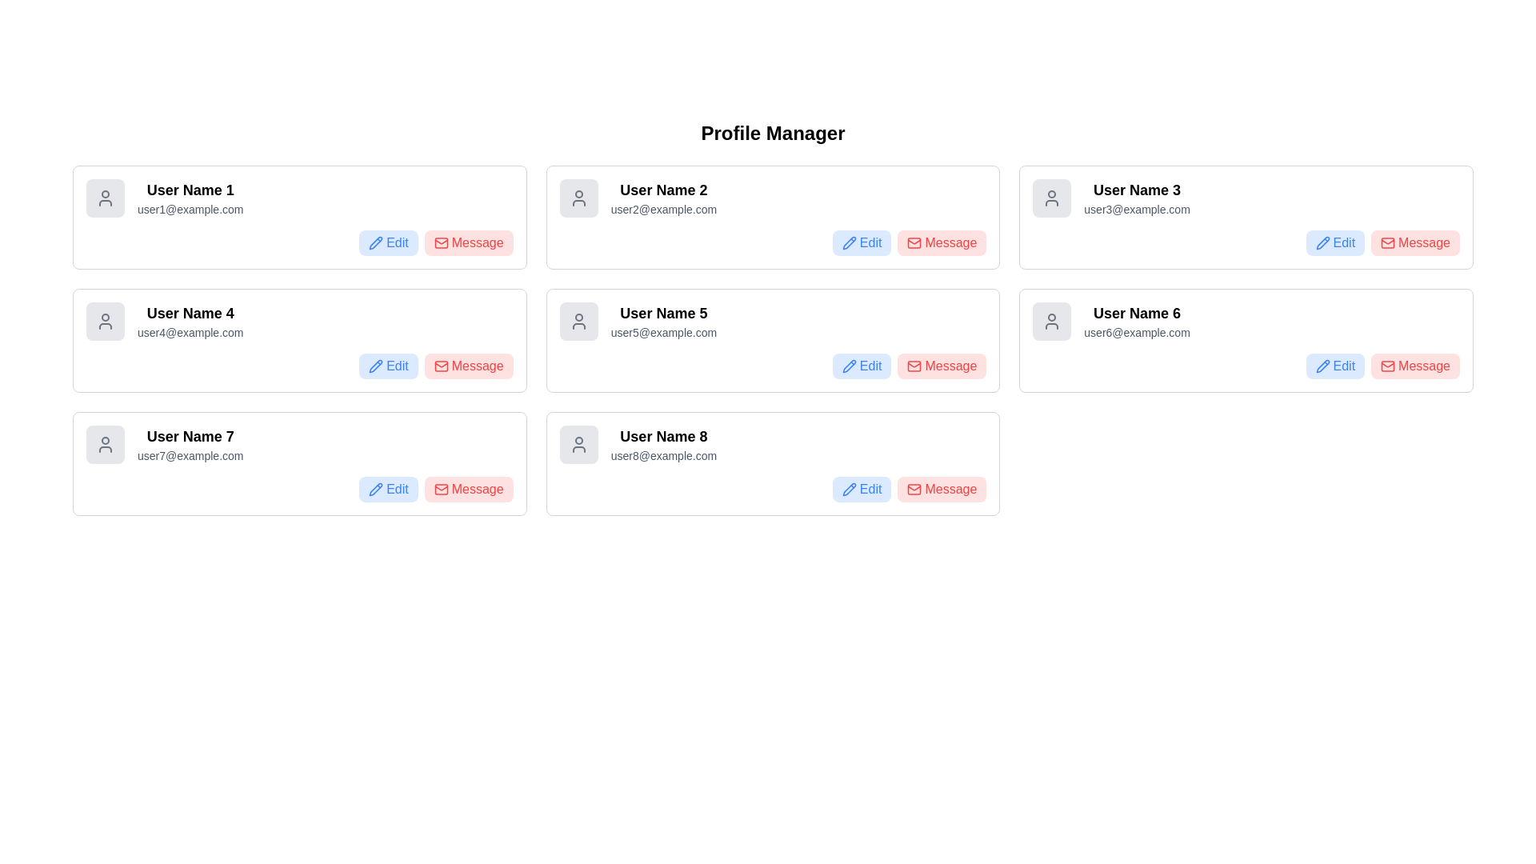 The height and width of the screenshot is (864, 1536). I want to click on the Text Label indicating the functionality of the 'Message' button for 'User Name 6', which is positioned to the right of the 'Edit' button within the profile card, so click(1424, 366).